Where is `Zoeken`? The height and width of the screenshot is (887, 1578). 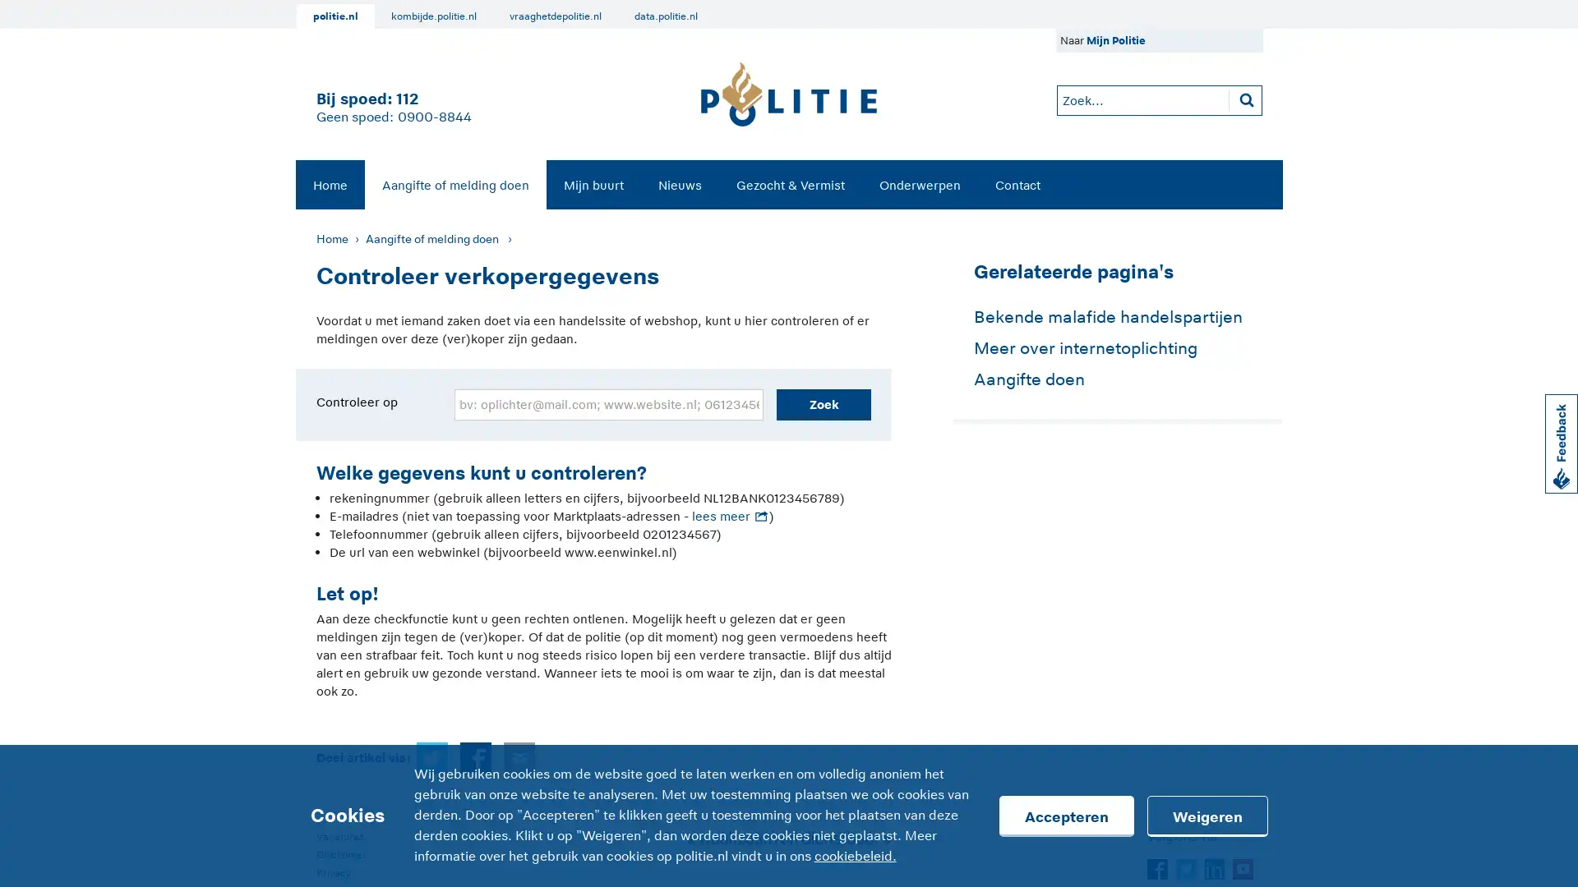
Zoeken is located at coordinates (1055, 114).